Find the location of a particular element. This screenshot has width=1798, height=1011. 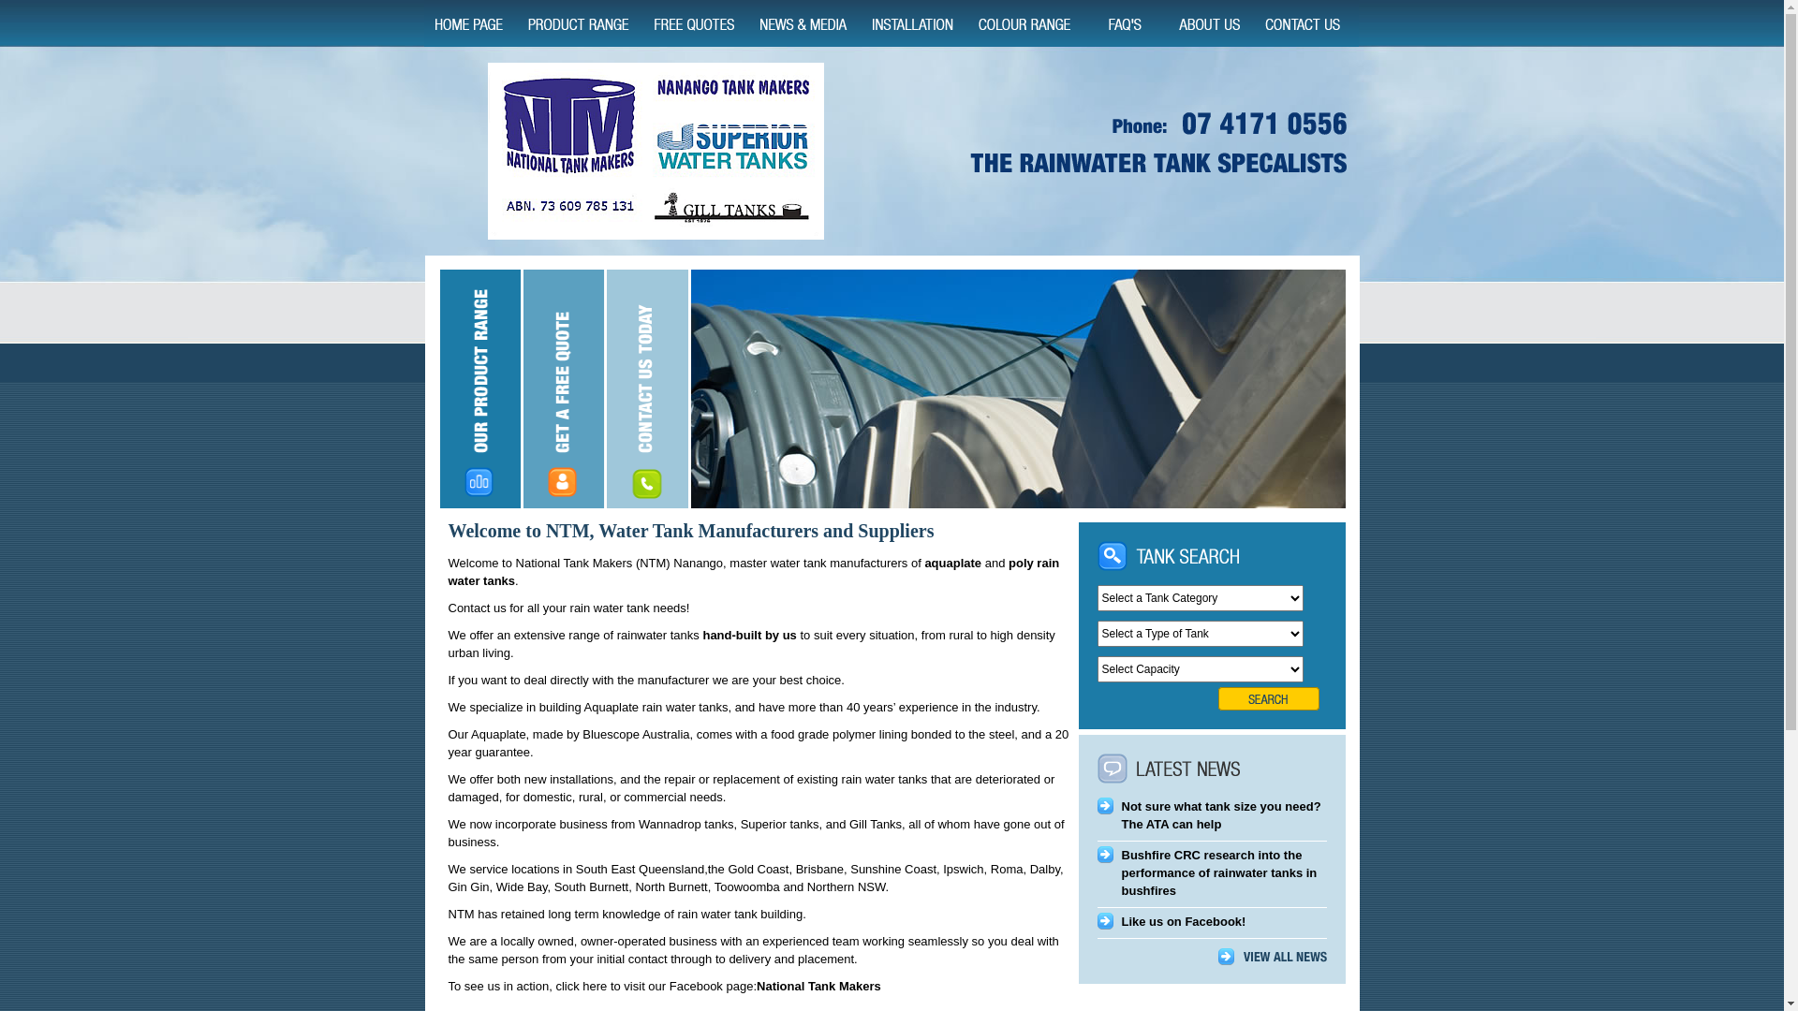

'aquaplate' is located at coordinates (952, 562).